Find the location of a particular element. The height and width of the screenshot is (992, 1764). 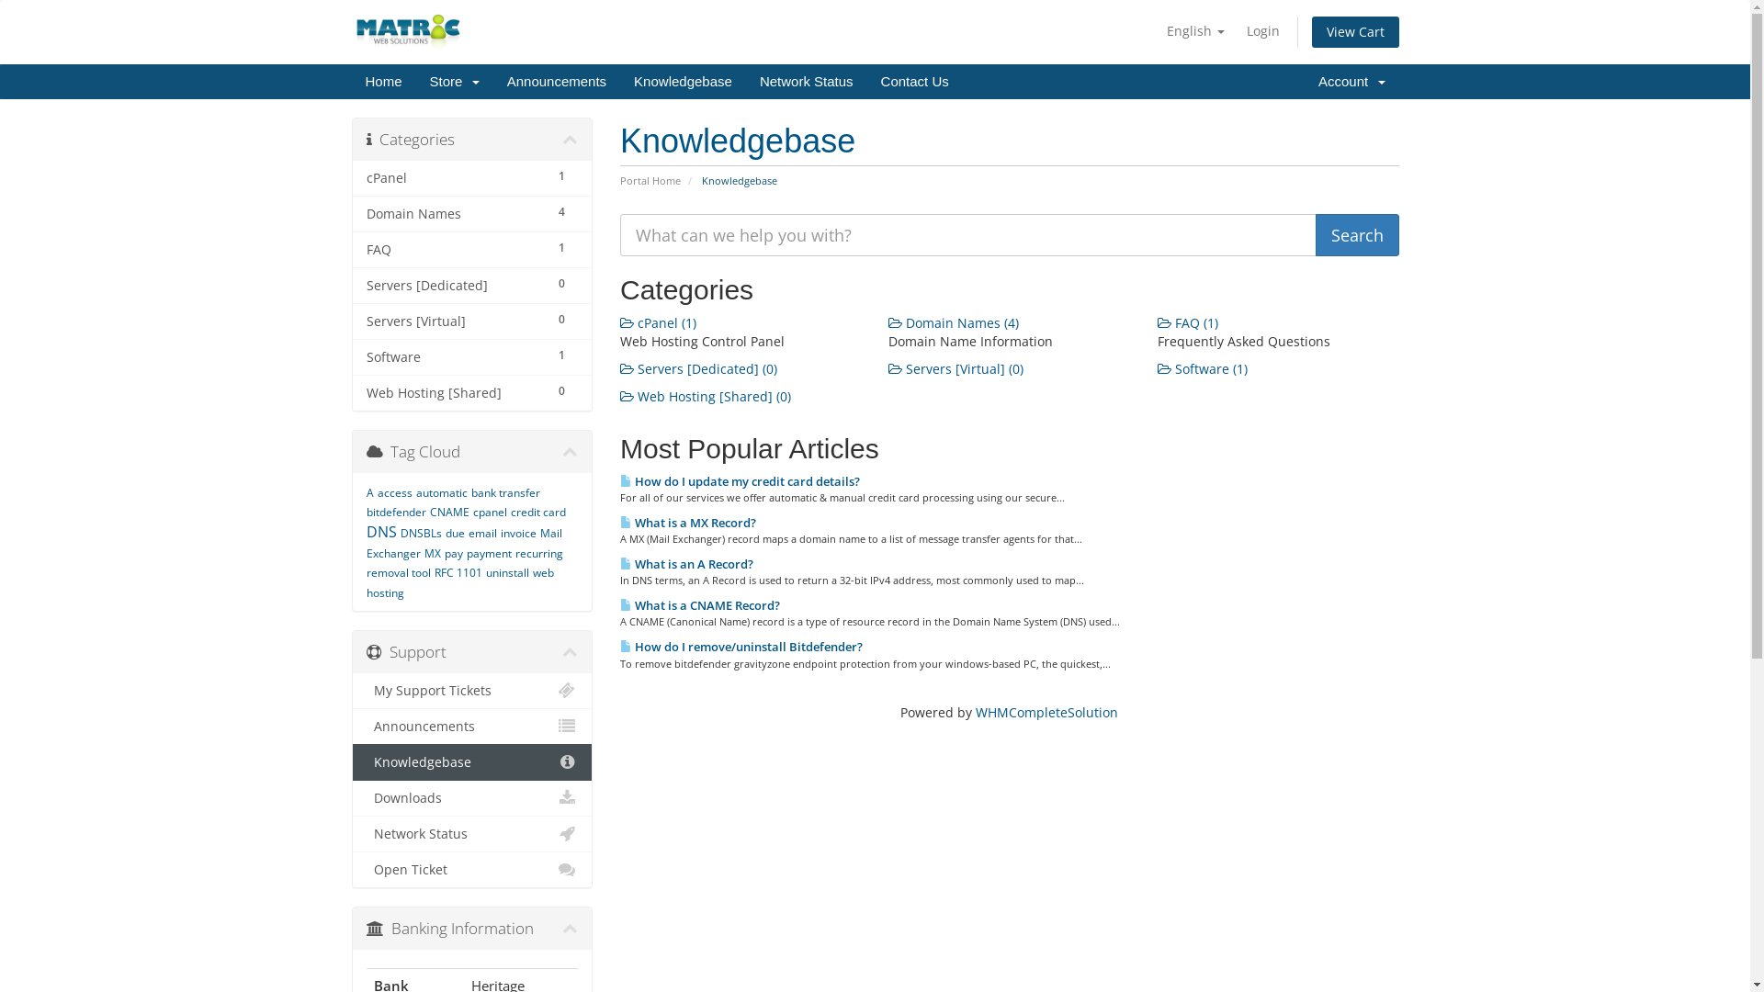

'Network Status' is located at coordinates (745, 80).